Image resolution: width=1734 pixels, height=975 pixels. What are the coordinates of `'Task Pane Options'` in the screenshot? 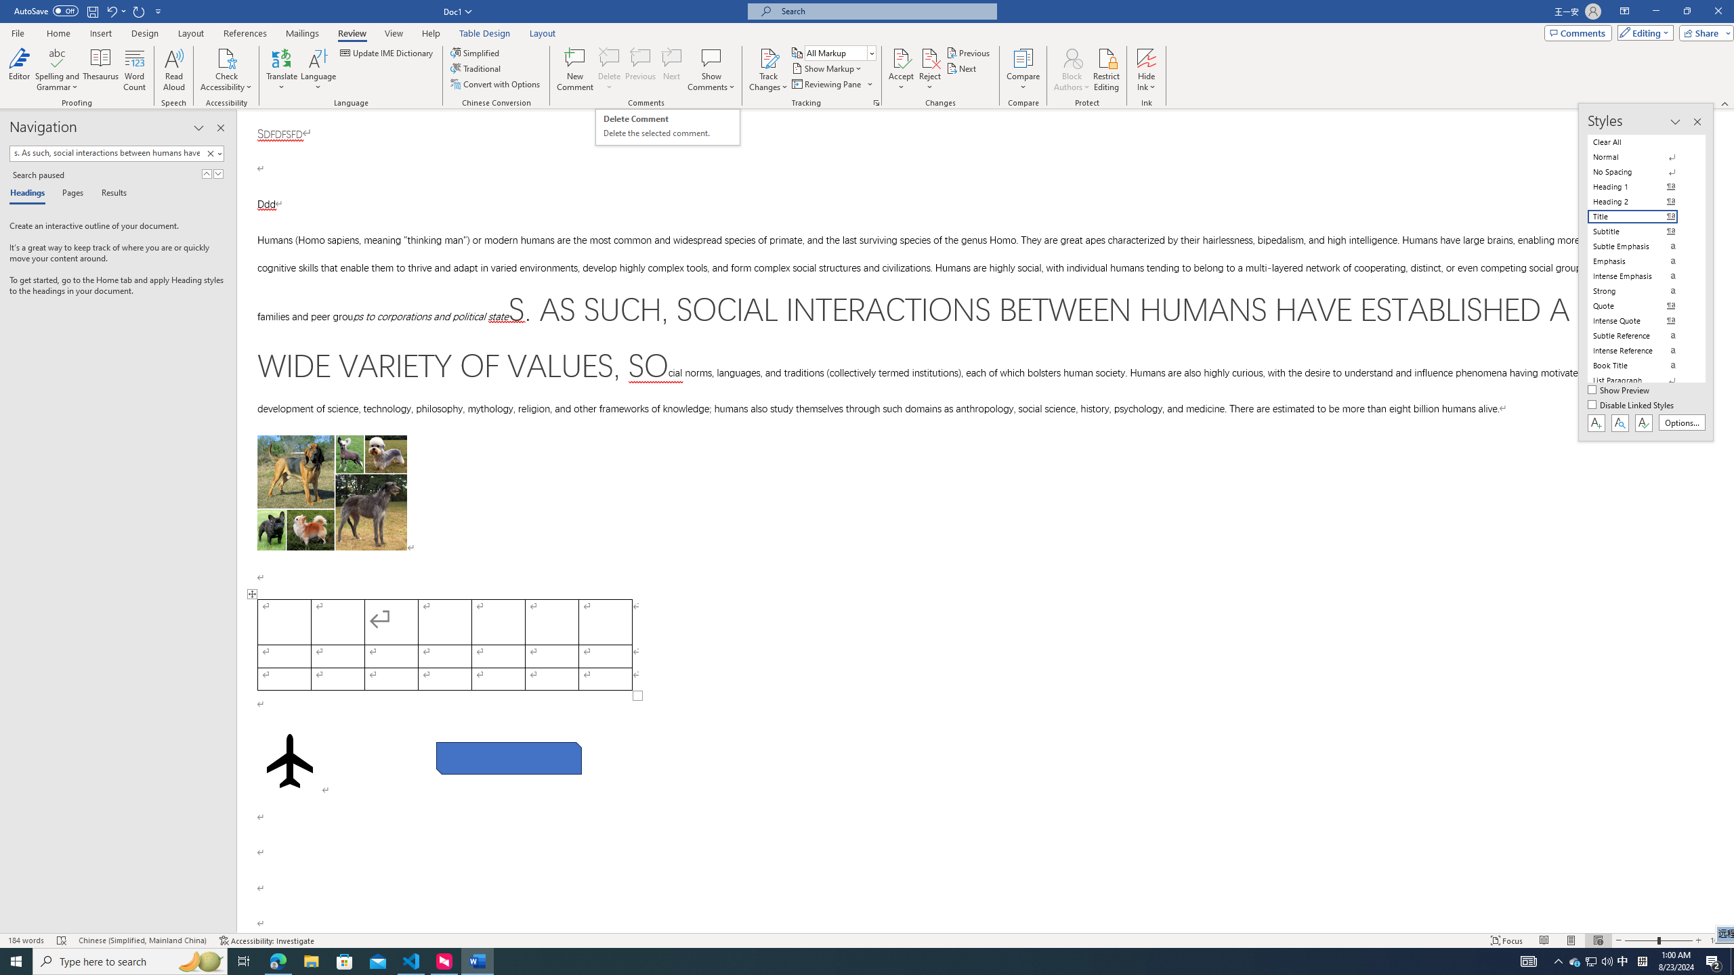 It's located at (198, 127).